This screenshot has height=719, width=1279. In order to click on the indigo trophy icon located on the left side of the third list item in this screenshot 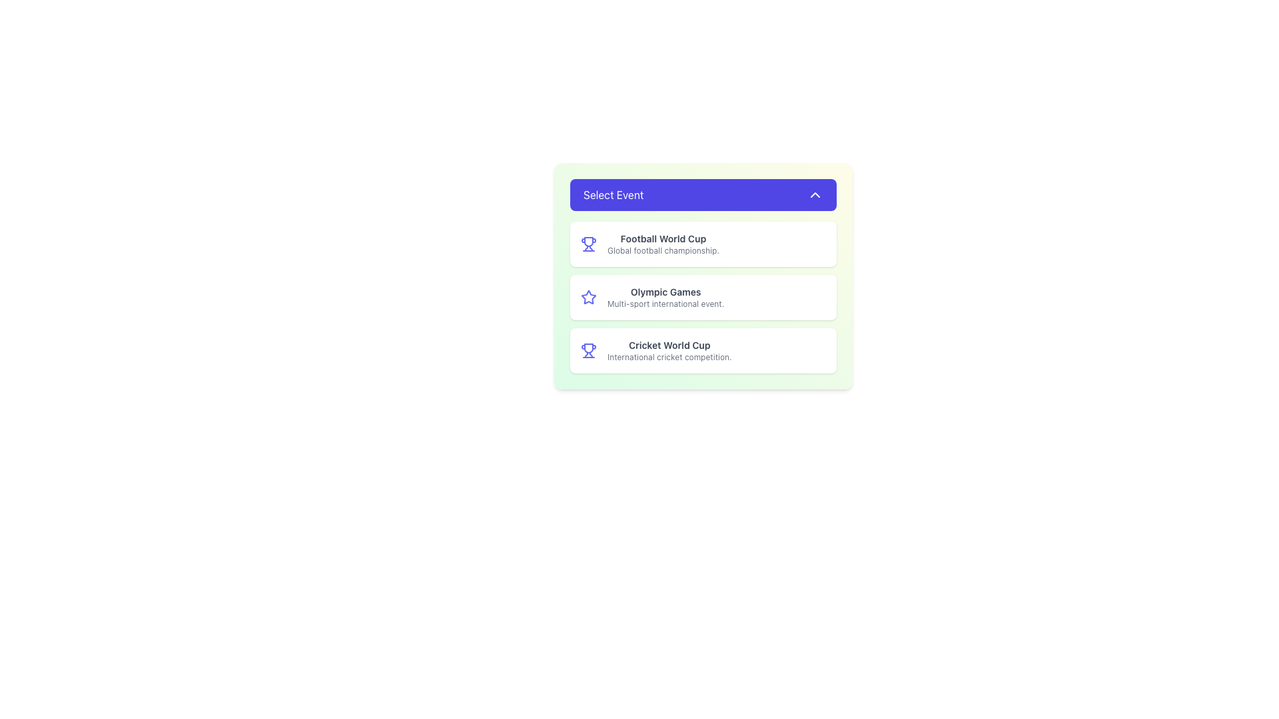, I will do `click(588, 350)`.